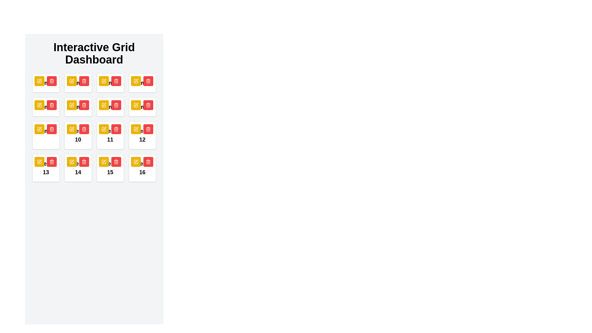 Image resolution: width=592 pixels, height=333 pixels. What do you see at coordinates (39, 105) in the screenshot?
I see `the yellow button with a white edit icon located in the top-left corner of the card labeled '5'` at bounding box center [39, 105].